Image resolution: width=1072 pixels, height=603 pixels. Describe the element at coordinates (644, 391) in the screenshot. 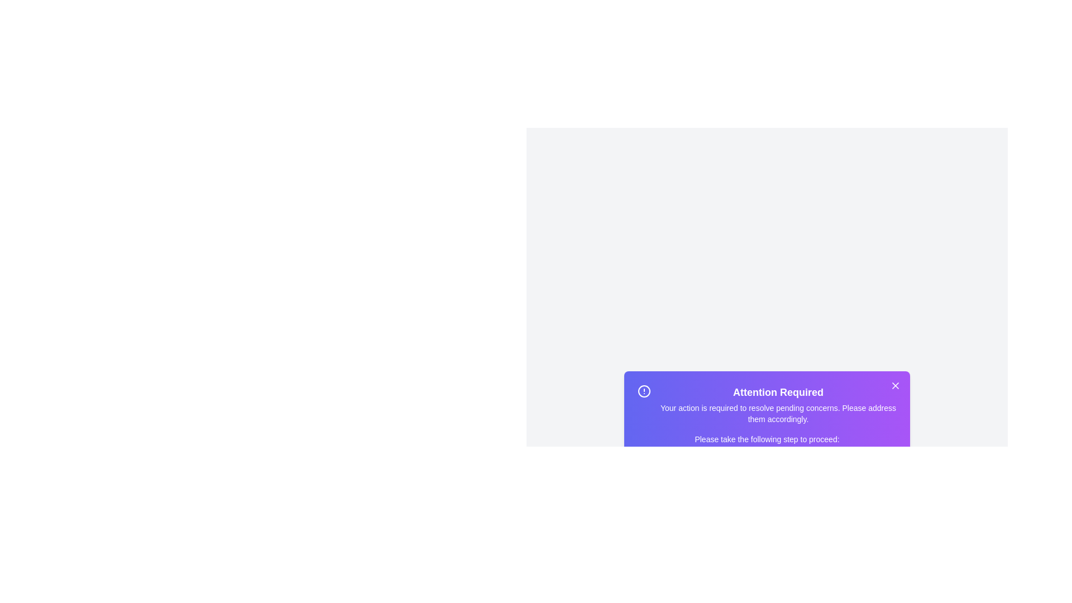

I see `the warning icon located in the top-left corner of the notification modal, next to the header text 'Attention Required.'` at that location.